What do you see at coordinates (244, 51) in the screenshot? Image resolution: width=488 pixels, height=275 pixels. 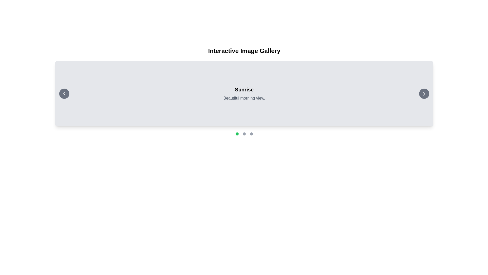 I see `the static text element displaying 'Interactive Image Gallery', which is centrally aligned at the top of the user interface` at bounding box center [244, 51].